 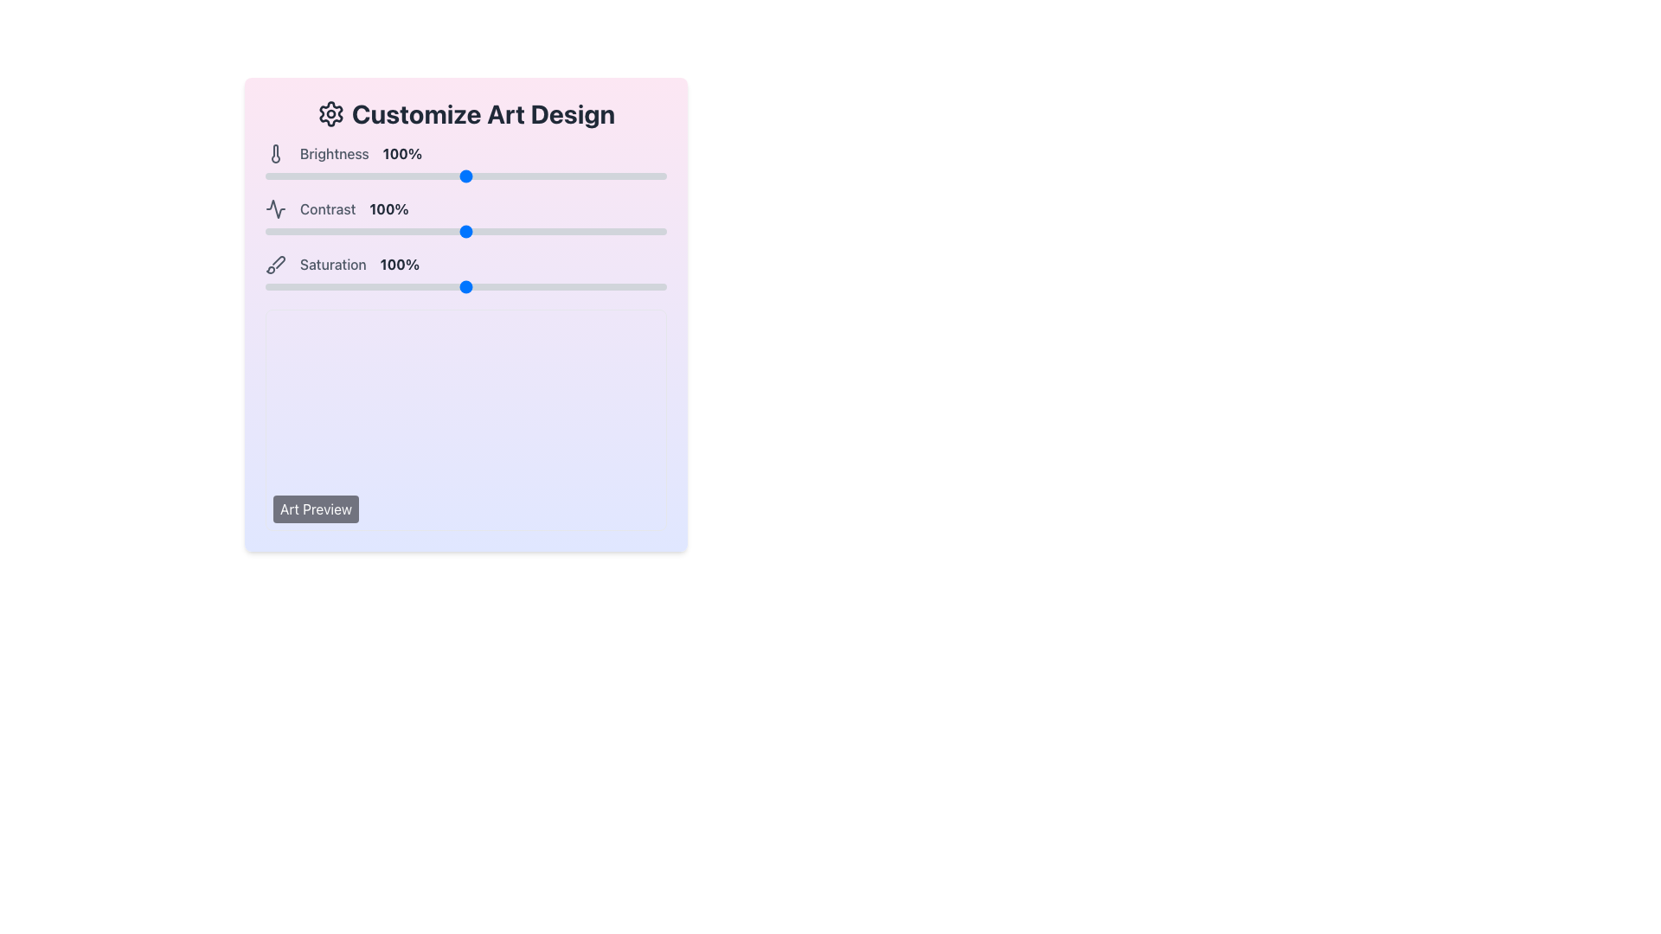 I want to click on the contrast level, so click(x=529, y=230).